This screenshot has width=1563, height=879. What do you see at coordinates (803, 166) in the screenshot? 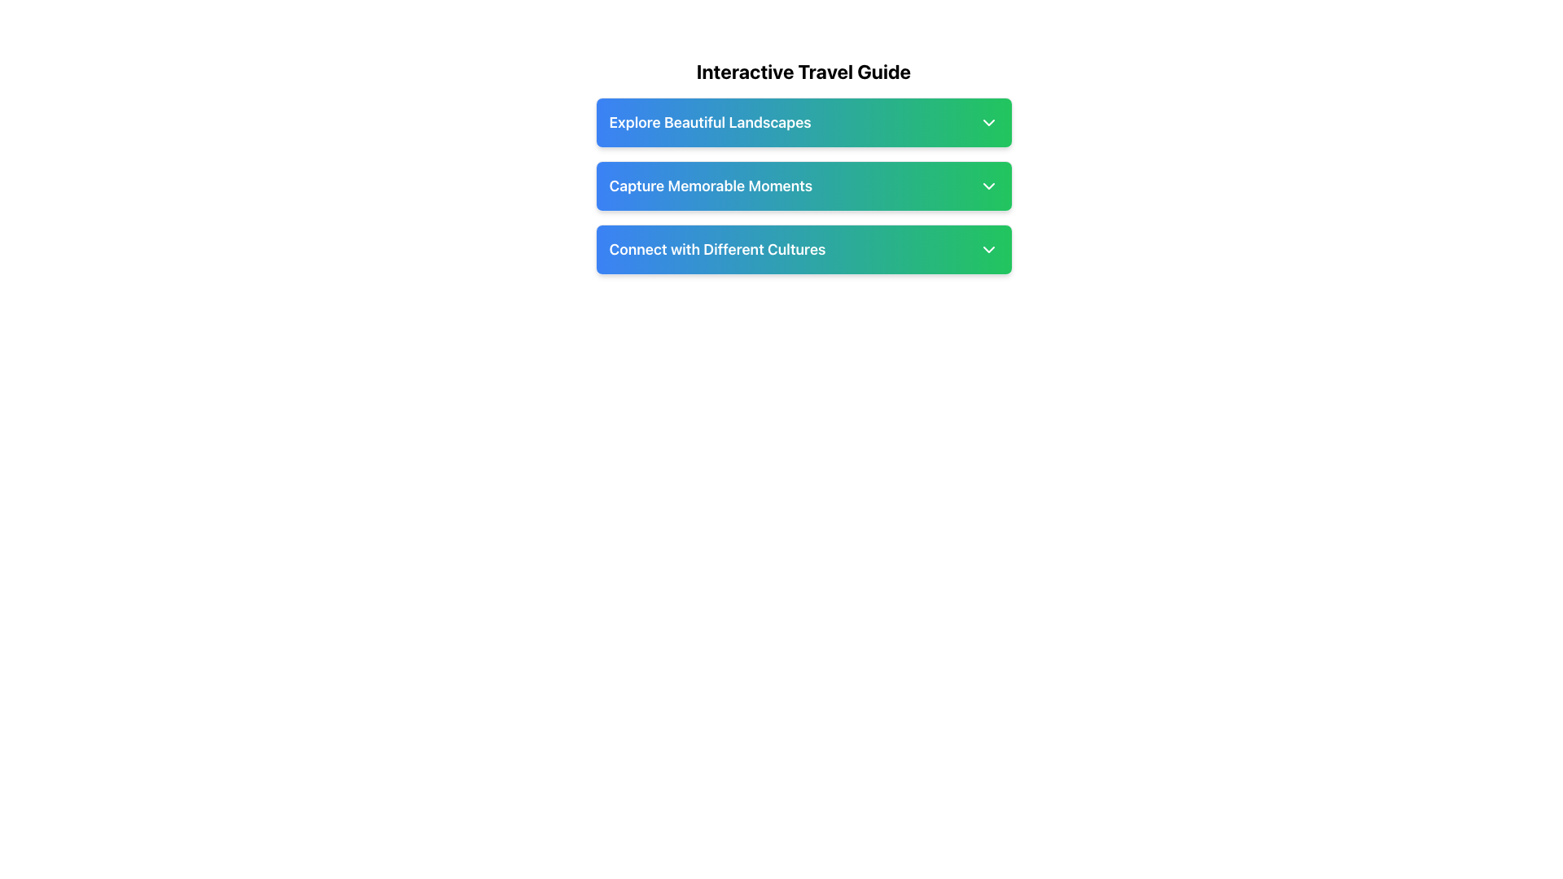
I see `the collapsible header titled 'Capture Memorable Moments'` at bounding box center [803, 166].